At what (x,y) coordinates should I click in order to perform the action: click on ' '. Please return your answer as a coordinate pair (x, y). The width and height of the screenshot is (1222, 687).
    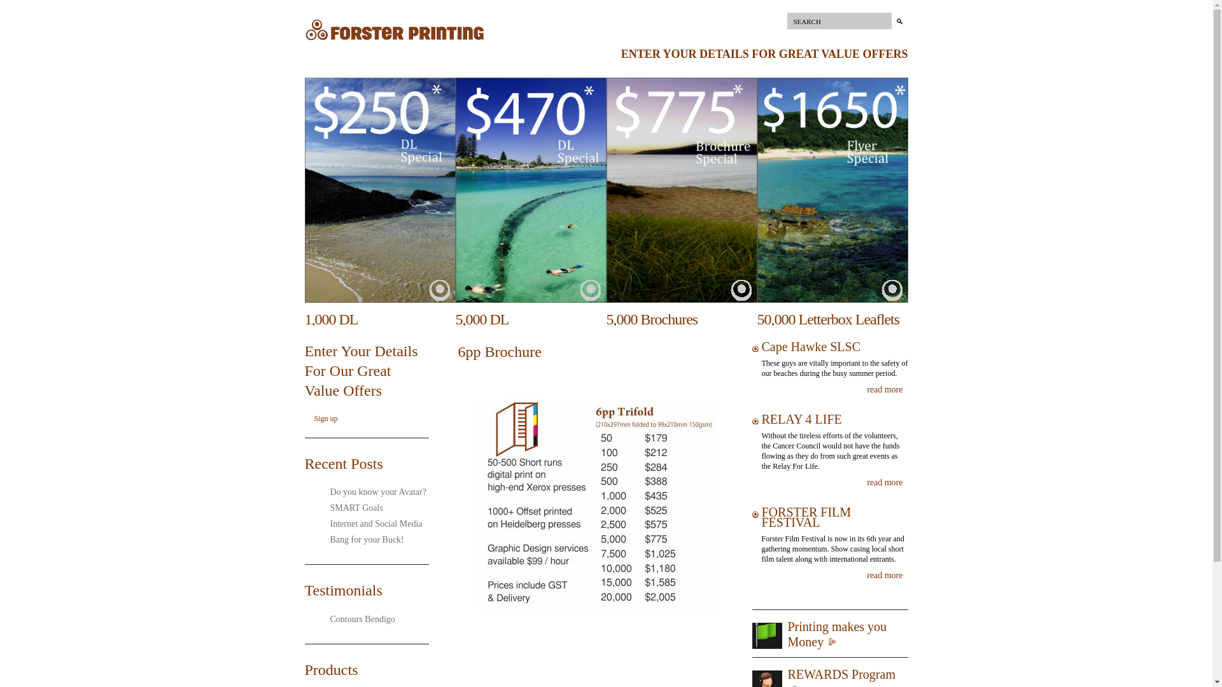
    Looking at the image, I should click on (442, 291).